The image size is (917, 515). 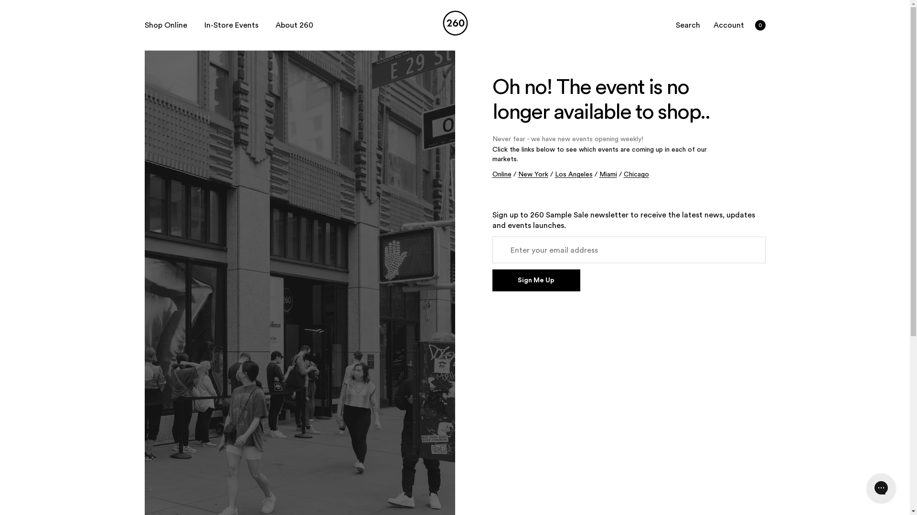 What do you see at coordinates (231, 25) in the screenshot?
I see `'In-Store Events'` at bounding box center [231, 25].